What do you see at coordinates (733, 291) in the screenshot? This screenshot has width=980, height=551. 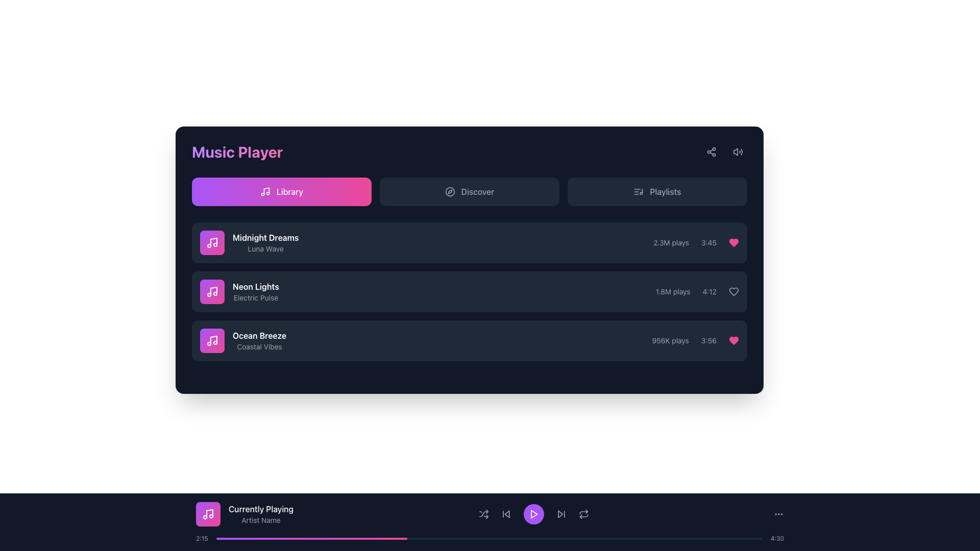 I see `the like or favorite button for the second track item in the playlist` at bounding box center [733, 291].